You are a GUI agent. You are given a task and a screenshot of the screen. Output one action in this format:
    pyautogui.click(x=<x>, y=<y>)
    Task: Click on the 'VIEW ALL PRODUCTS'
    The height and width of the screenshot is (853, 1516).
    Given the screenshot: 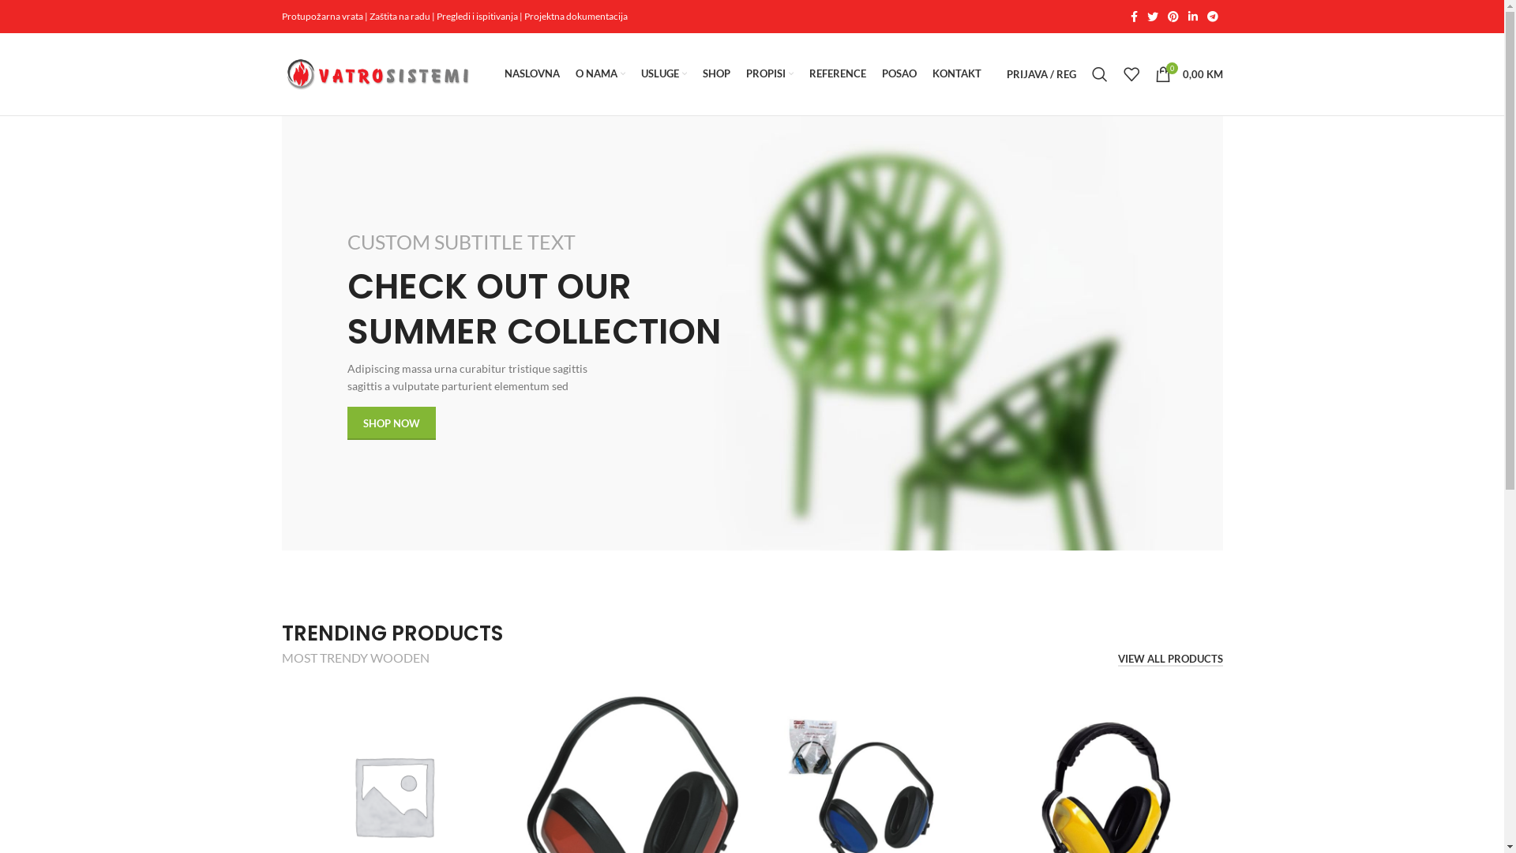 What is the action you would take?
    pyautogui.click(x=1170, y=660)
    